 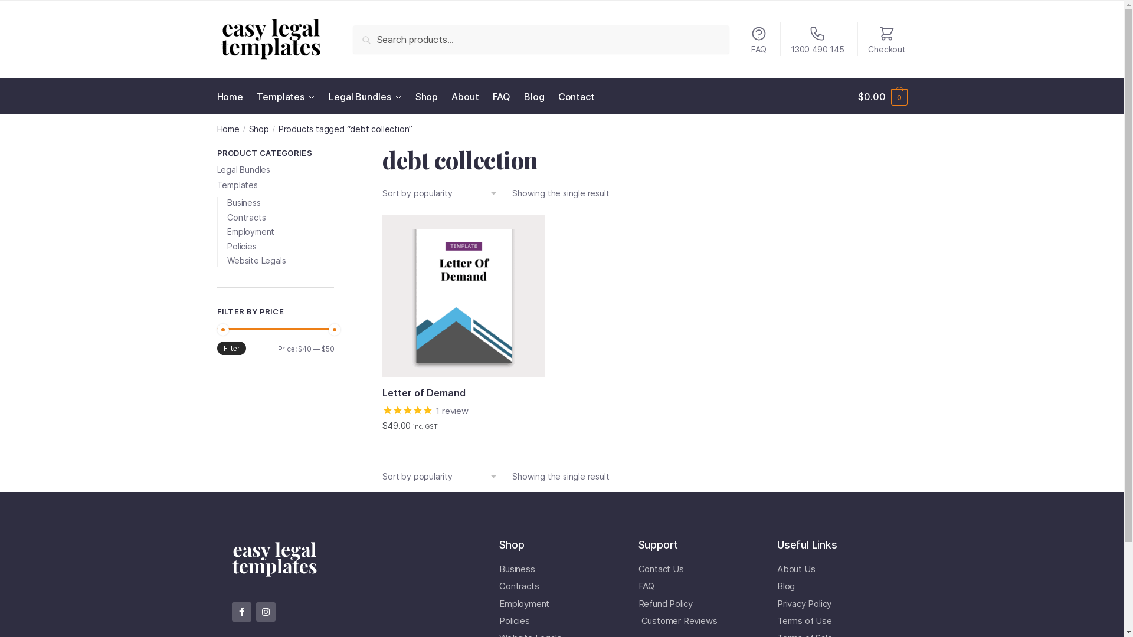 What do you see at coordinates (228, 129) in the screenshot?
I see `'Home'` at bounding box center [228, 129].